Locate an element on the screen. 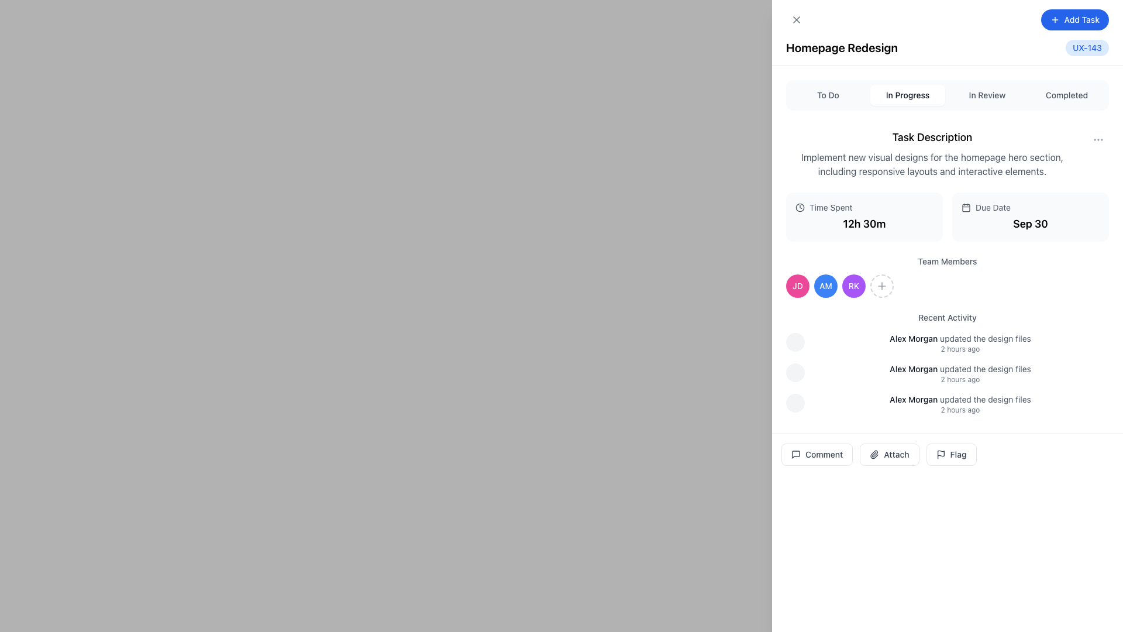 This screenshot has width=1123, height=632. the Text Label element displaying 'Alex Morgan updated the design files' located in the 'Recent Activity' section is located at coordinates (960, 399).